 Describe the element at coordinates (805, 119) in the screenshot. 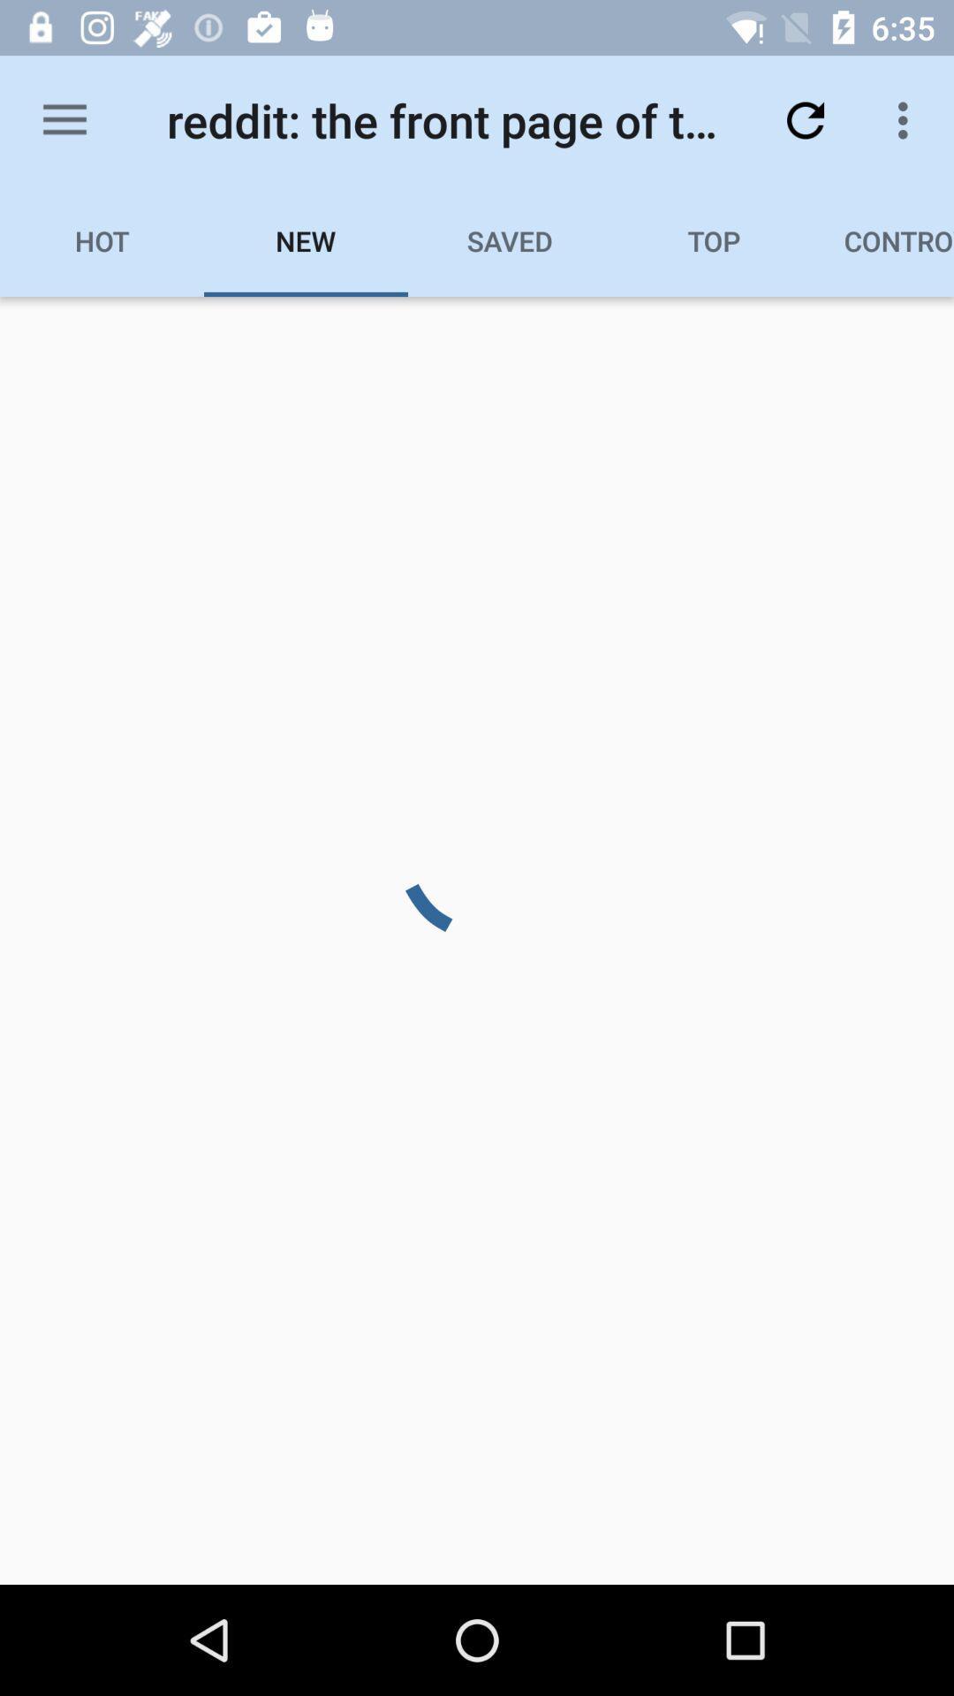

I see `the item next to the reddit the front` at that location.